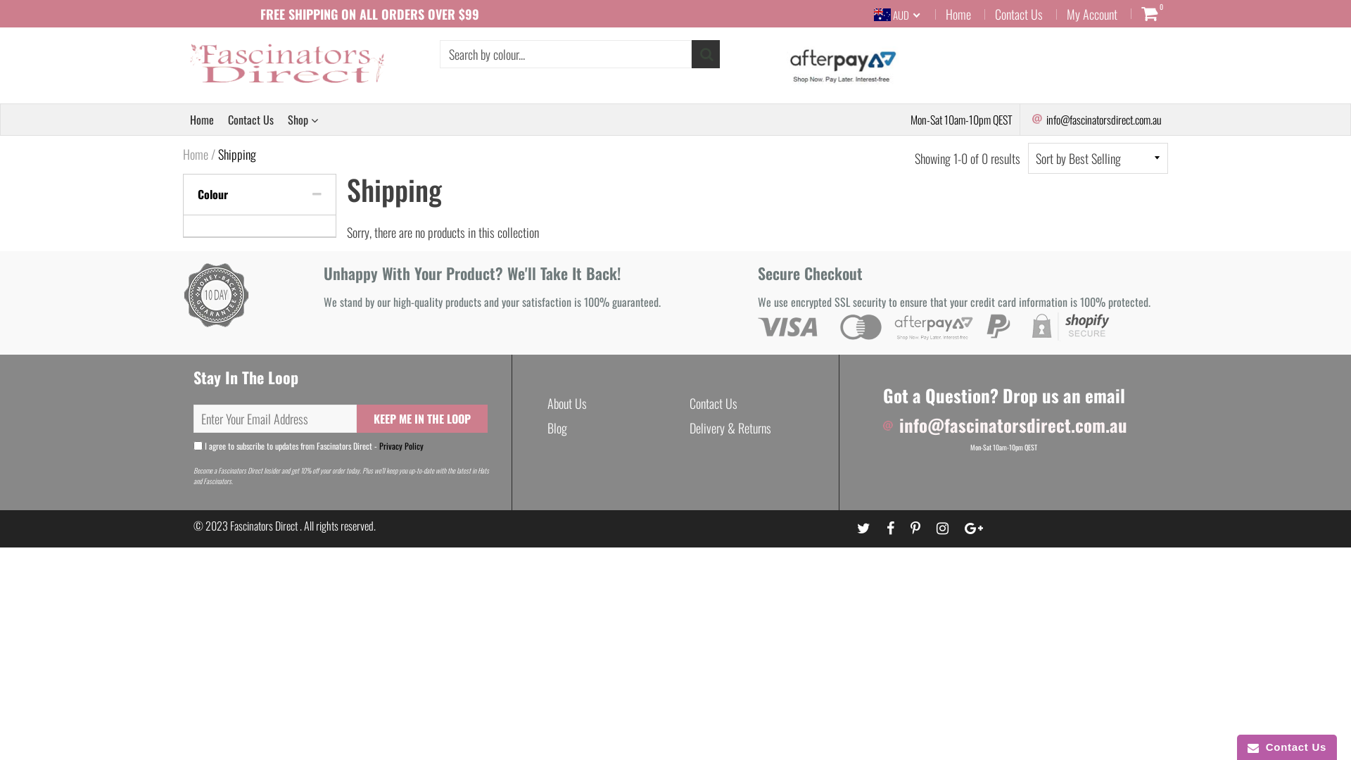 The width and height of the screenshot is (1351, 760). Describe the element at coordinates (557, 427) in the screenshot. I see `'Blog'` at that location.